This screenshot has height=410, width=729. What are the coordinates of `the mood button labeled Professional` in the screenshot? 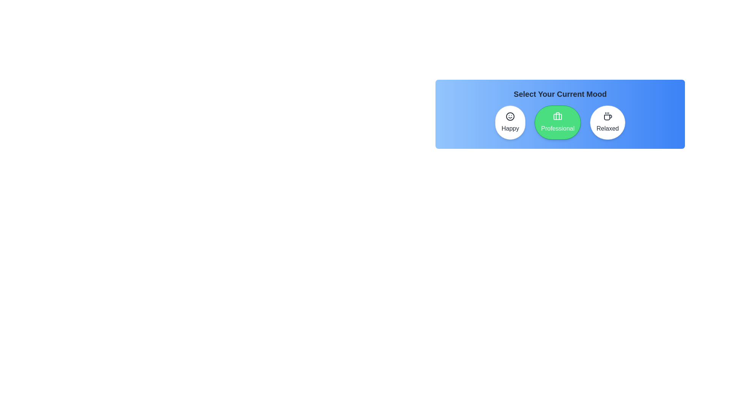 It's located at (558, 122).